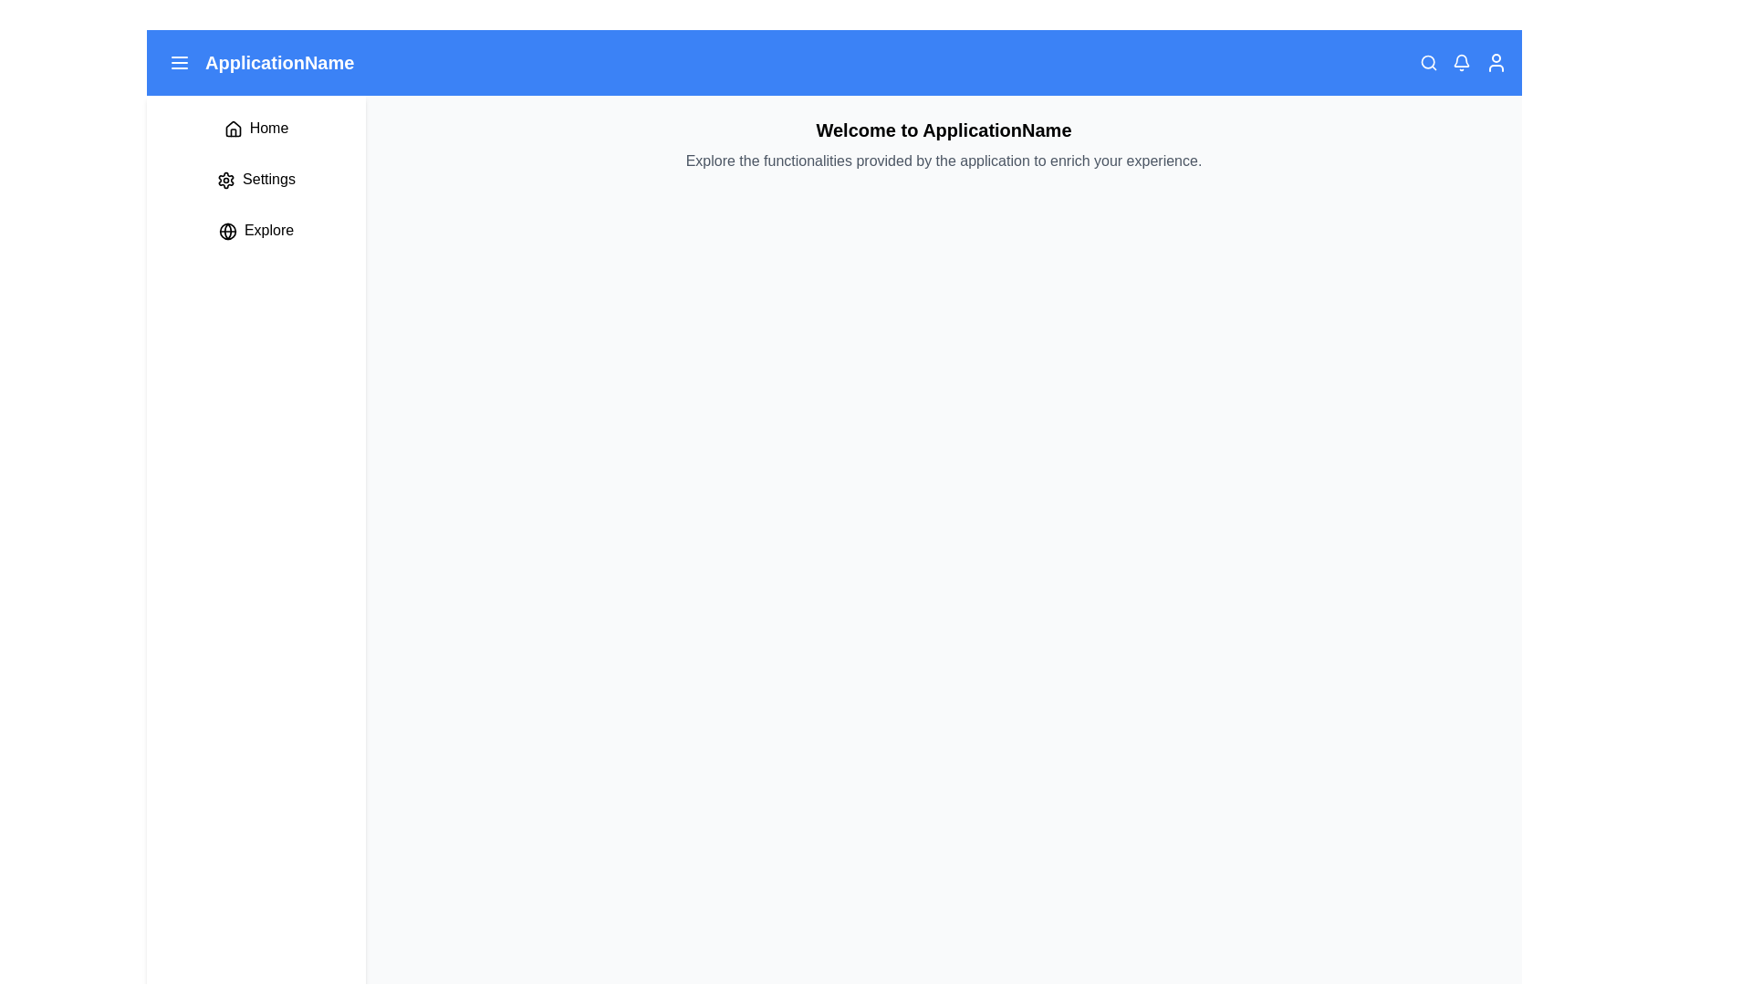 The height and width of the screenshot is (985, 1752). Describe the element at coordinates (225, 180) in the screenshot. I see `the gear icon representing settings in the uppermost position of the 'Settings' navigation entry on the left-hand menu` at that location.